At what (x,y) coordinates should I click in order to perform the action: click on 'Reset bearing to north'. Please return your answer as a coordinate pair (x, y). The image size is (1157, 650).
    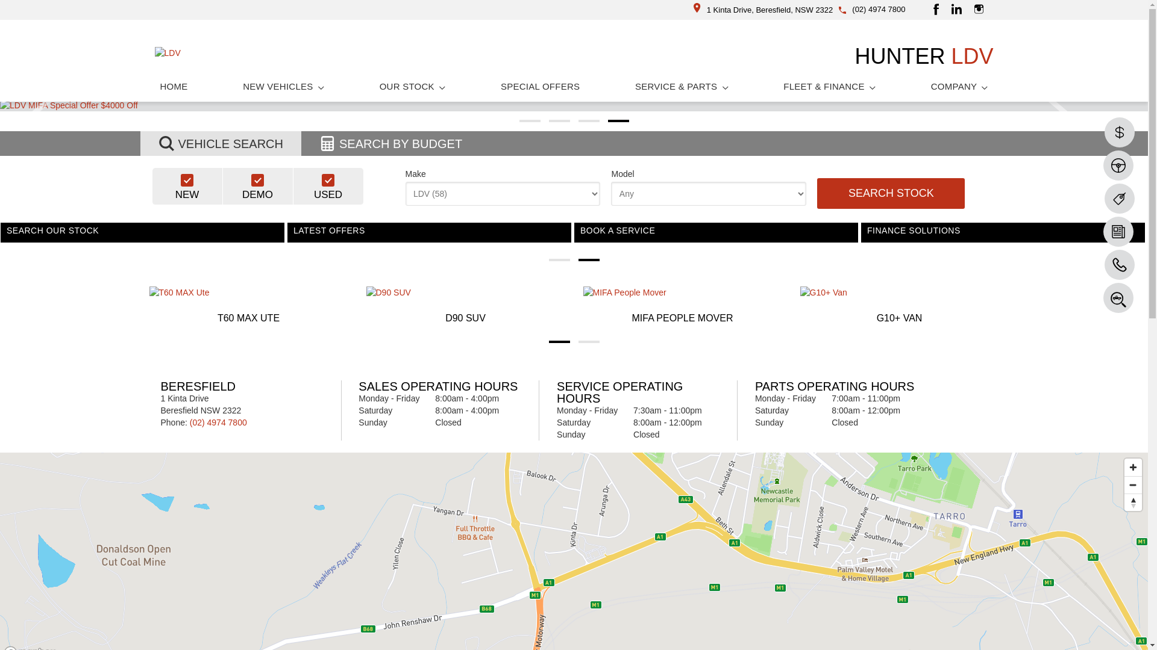
    Looking at the image, I should click on (1132, 502).